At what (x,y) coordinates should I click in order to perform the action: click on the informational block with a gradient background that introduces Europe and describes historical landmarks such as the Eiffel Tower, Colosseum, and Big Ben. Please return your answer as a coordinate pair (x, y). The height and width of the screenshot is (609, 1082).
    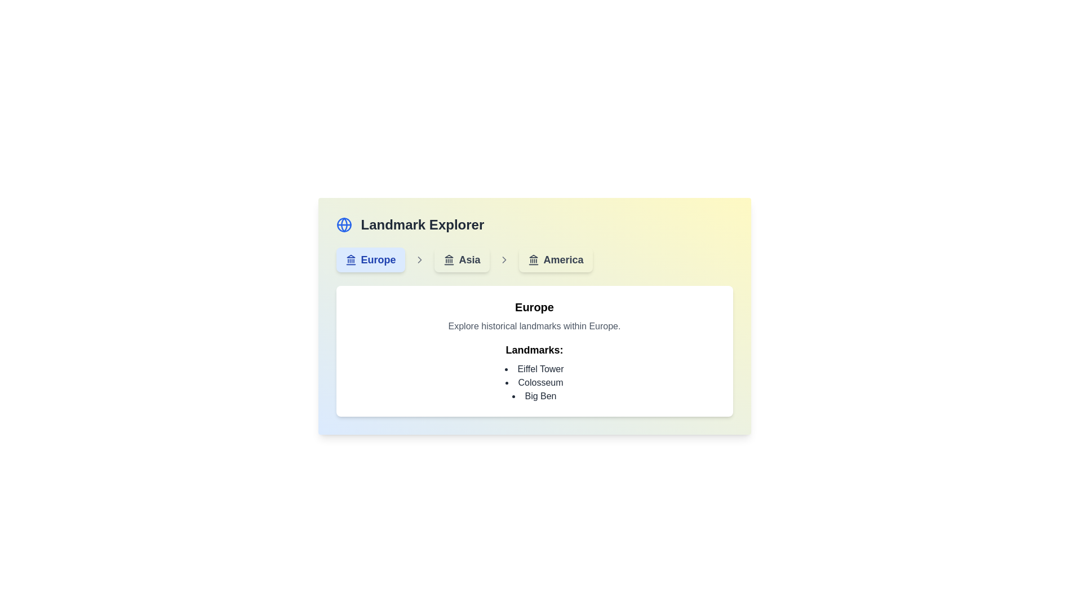
    Looking at the image, I should click on (534, 316).